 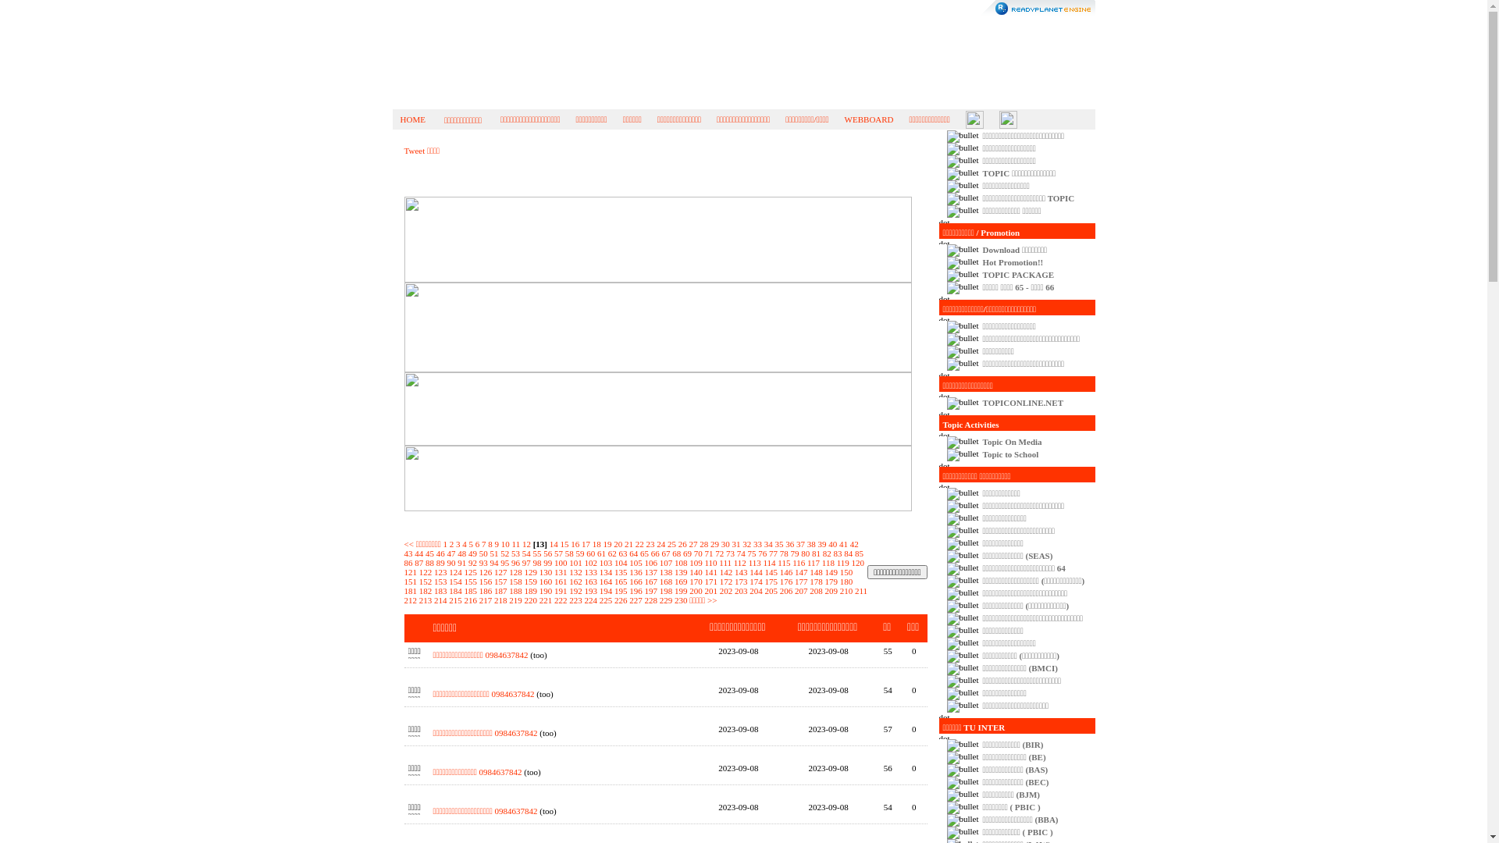 I want to click on '78', so click(x=784, y=553).